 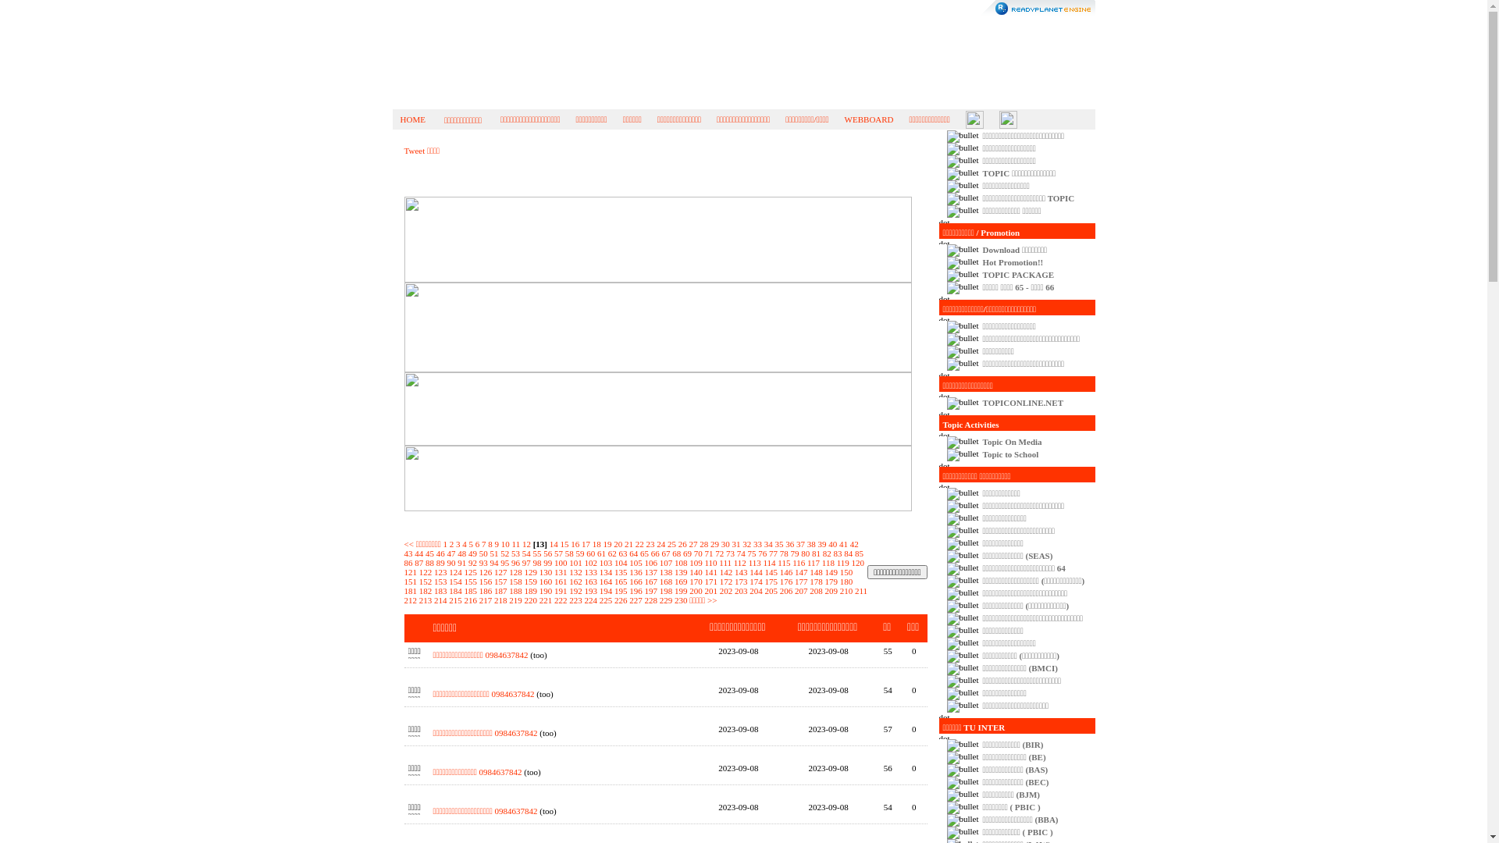 I want to click on '78', so click(x=784, y=553).